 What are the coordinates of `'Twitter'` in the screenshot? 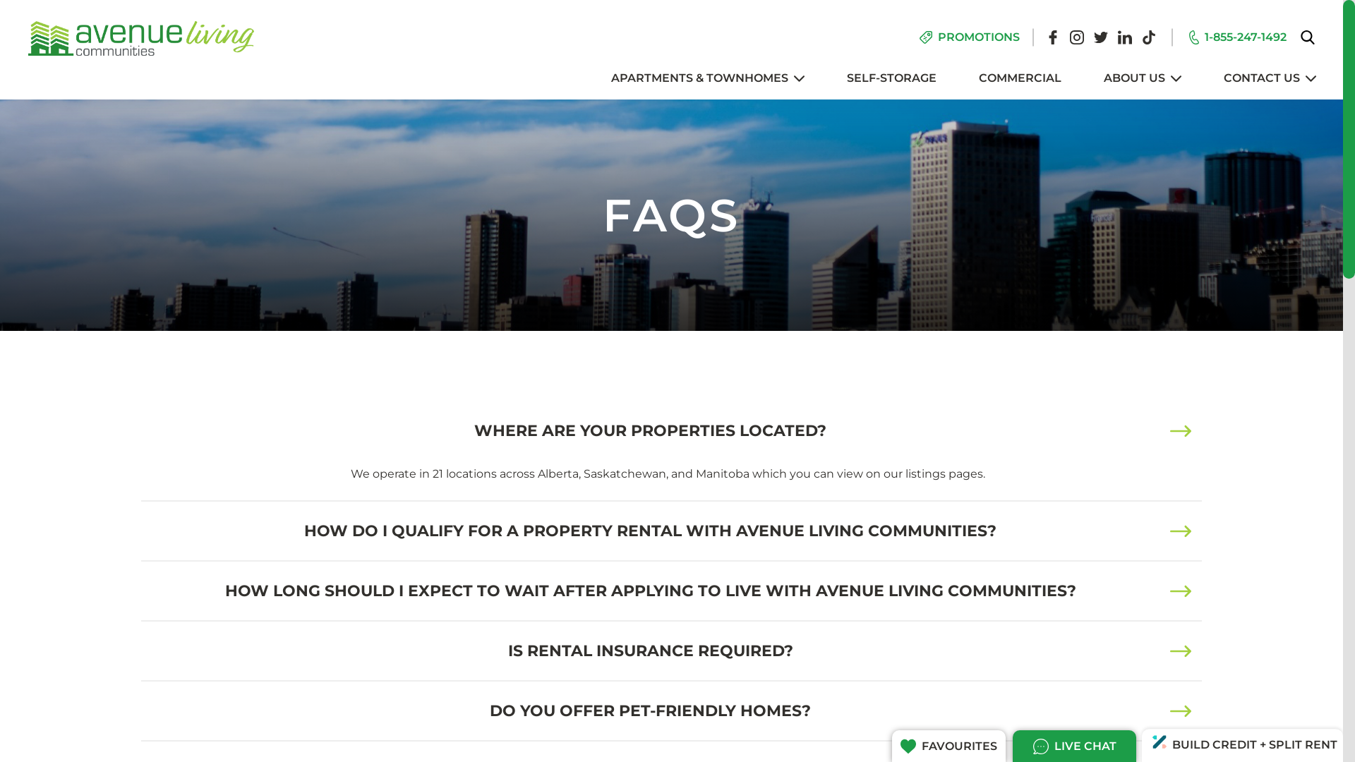 It's located at (1093, 37).